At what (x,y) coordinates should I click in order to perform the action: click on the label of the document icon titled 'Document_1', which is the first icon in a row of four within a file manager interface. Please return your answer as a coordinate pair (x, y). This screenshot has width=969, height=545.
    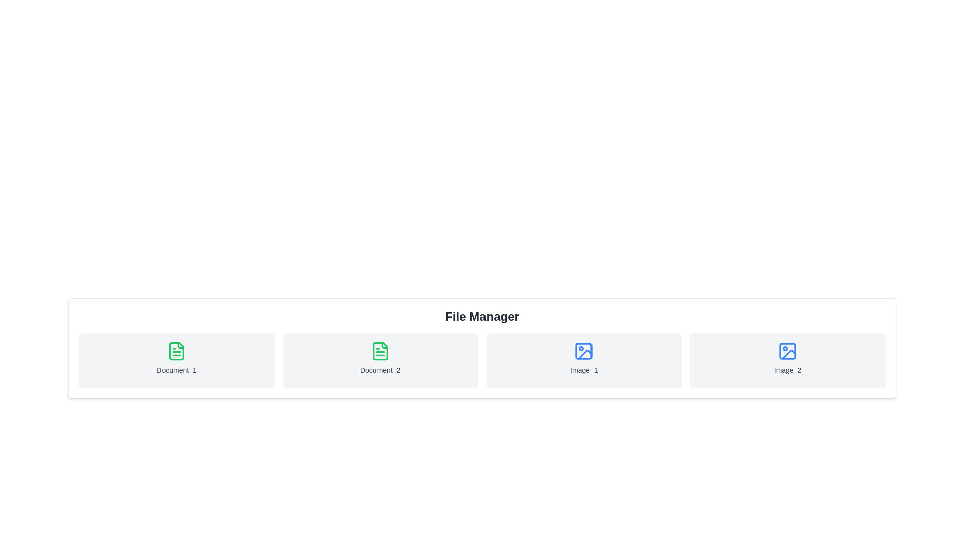
    Looking at the image, I should click on (177, 350).